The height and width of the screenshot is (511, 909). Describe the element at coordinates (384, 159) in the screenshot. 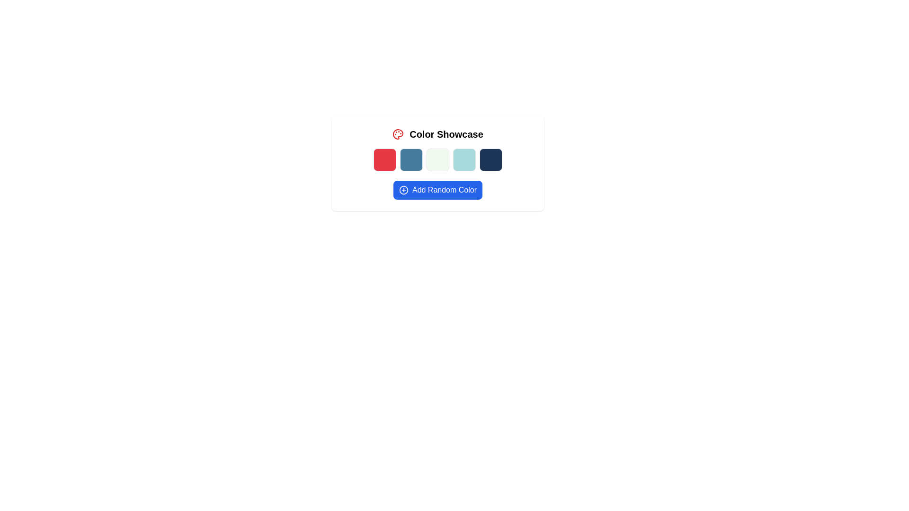

I see `the distinct red colored square box with rounded corners located in the horizontal grid, positioned to the leftmost side just below the 'Color Showcase' title` at that location.